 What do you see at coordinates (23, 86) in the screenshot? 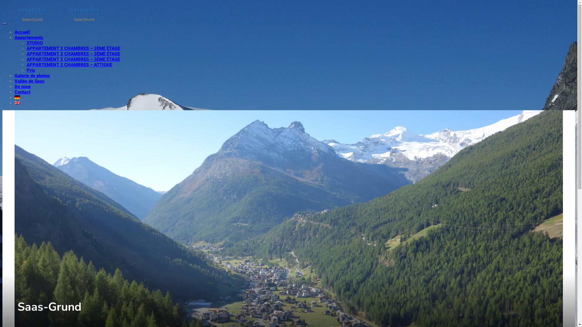
I see `'De nous'` at bounding box center [23, 86].